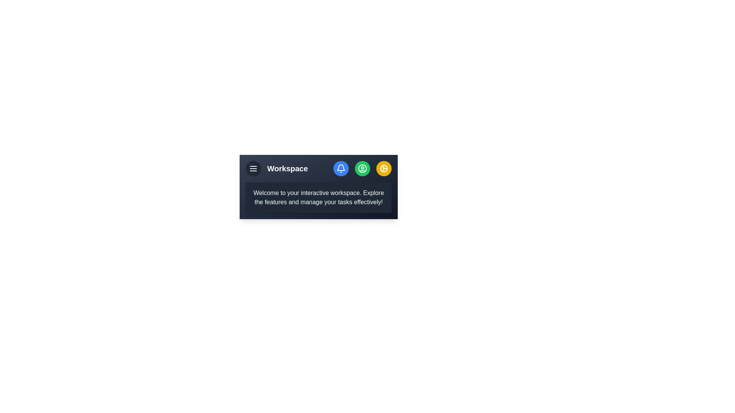 This screenshot has width=735, height=413. Describe the element at coordinates (362, 168) in the screenshot. I see `the user profile button` at that location.